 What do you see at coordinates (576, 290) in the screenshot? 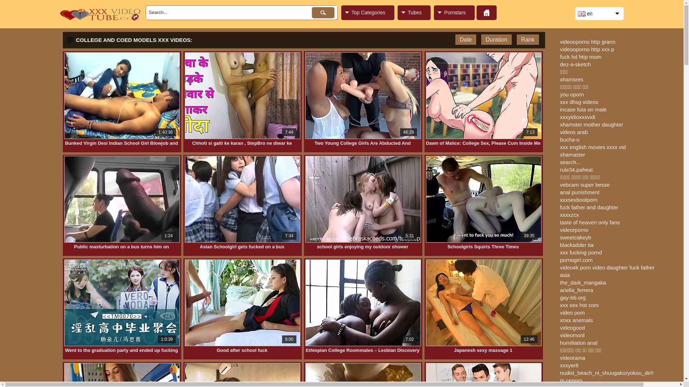
I see `'ariella_ferrera'` at bounding box center [576, 290].